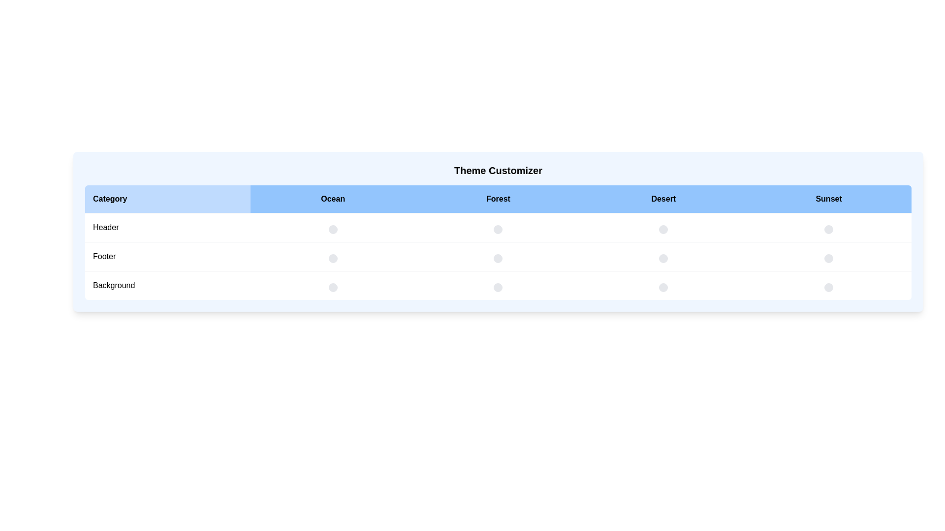  I want to click on the interactive button in the third row and fourth column of the 'Theme Customizer' grid, so click(663, 285).